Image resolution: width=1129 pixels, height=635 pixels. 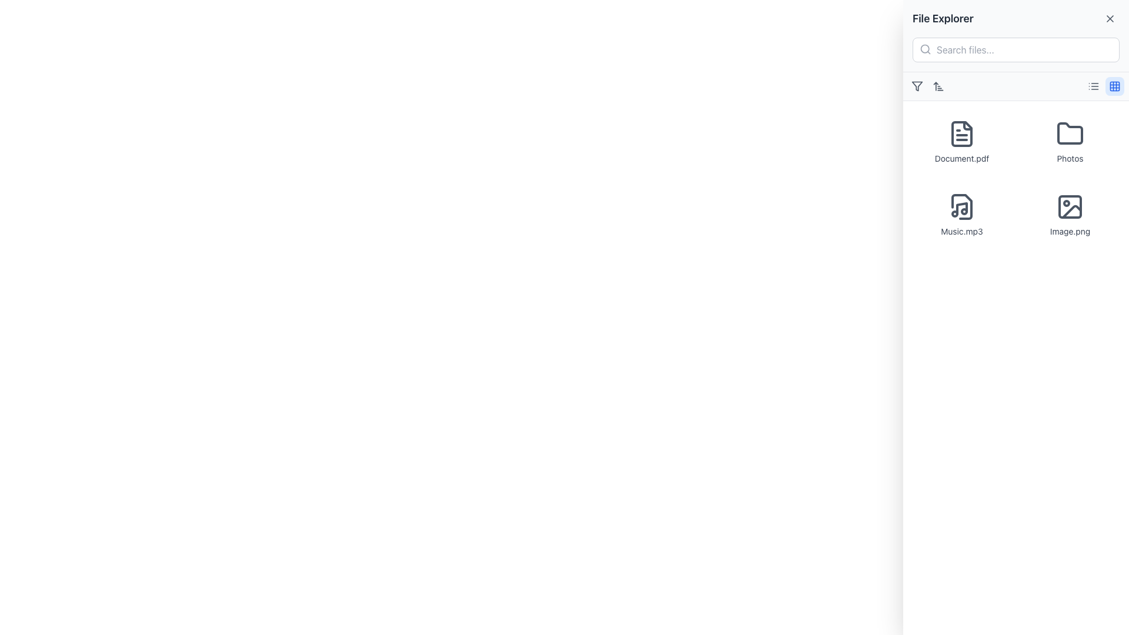 What do you see at coordinates (962, 215) in the screenshot?
I see `the File item widget displaying the icon of a document with a musical note and the filename 'Music.mp3'` at bounding box center [962, 215].